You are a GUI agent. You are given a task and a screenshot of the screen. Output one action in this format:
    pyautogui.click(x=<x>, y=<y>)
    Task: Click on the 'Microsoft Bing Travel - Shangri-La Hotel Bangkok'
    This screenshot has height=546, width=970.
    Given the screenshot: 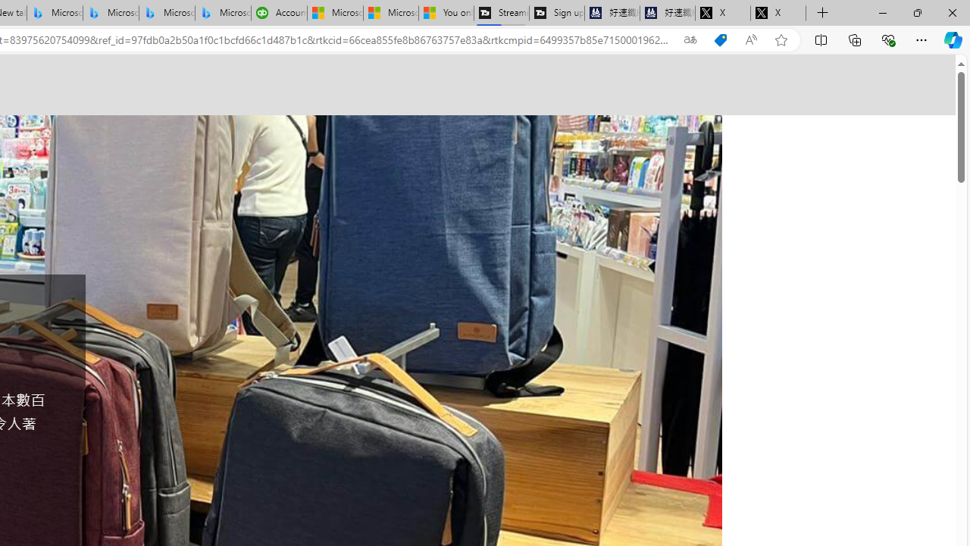 What is the action you would take?
    pyautogui.click(x=223, y=13)
    